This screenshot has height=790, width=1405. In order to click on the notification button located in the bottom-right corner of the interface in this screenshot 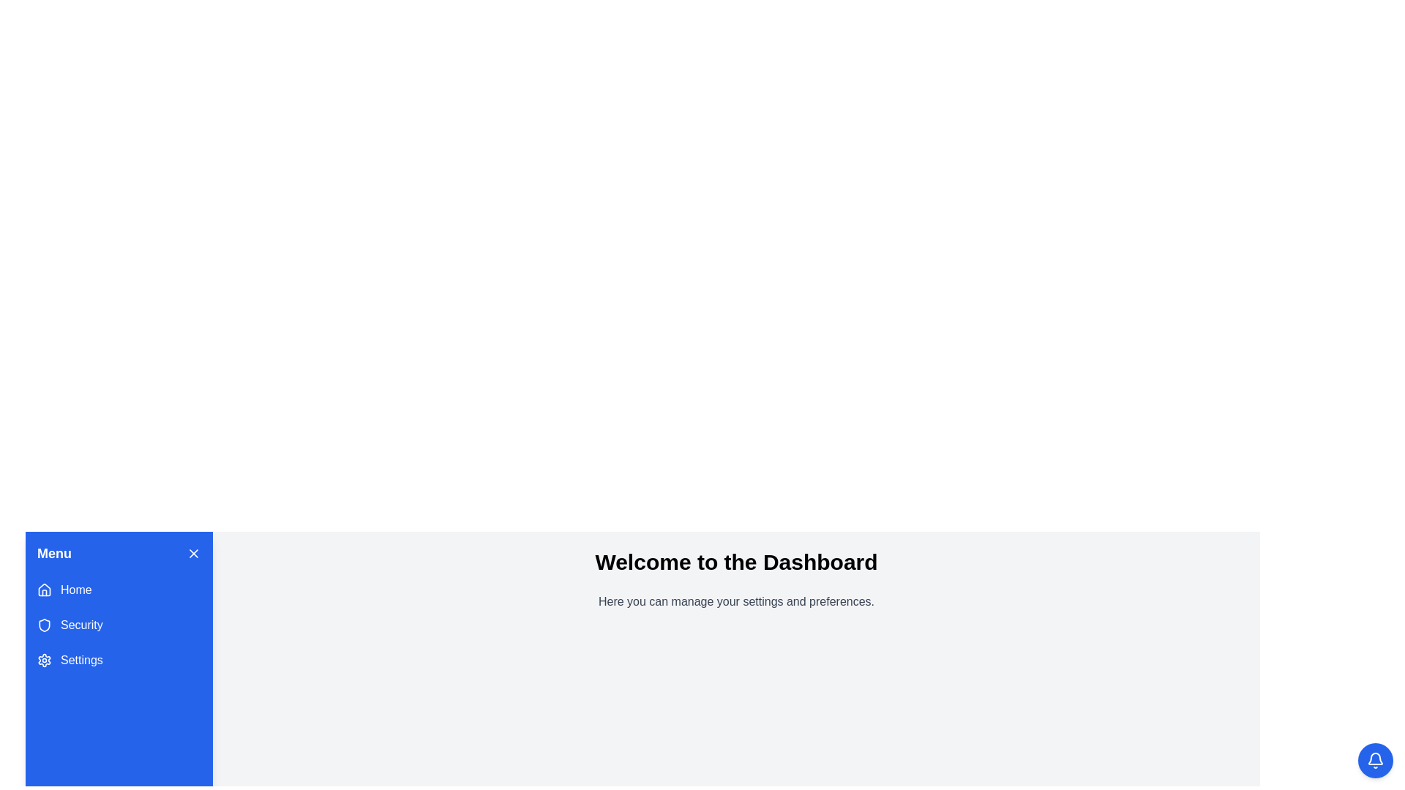, I will do `click(1375, 760)`.